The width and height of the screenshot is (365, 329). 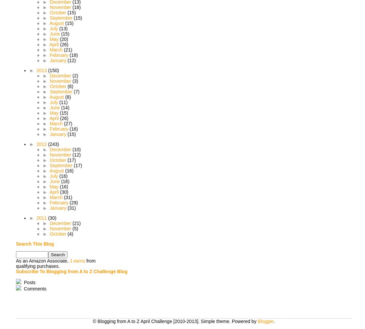 I want to click on '(6)', so click(x=70, y=86).